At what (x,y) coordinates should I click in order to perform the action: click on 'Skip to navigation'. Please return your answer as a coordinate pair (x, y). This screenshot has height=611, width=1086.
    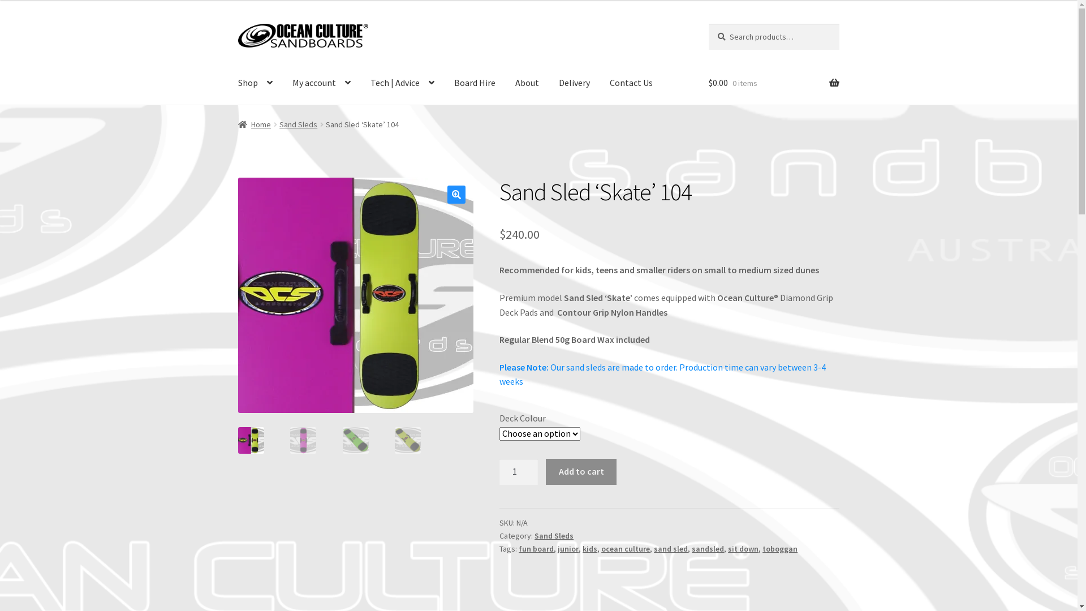
    Looking at the image, I should click on (237, 23).